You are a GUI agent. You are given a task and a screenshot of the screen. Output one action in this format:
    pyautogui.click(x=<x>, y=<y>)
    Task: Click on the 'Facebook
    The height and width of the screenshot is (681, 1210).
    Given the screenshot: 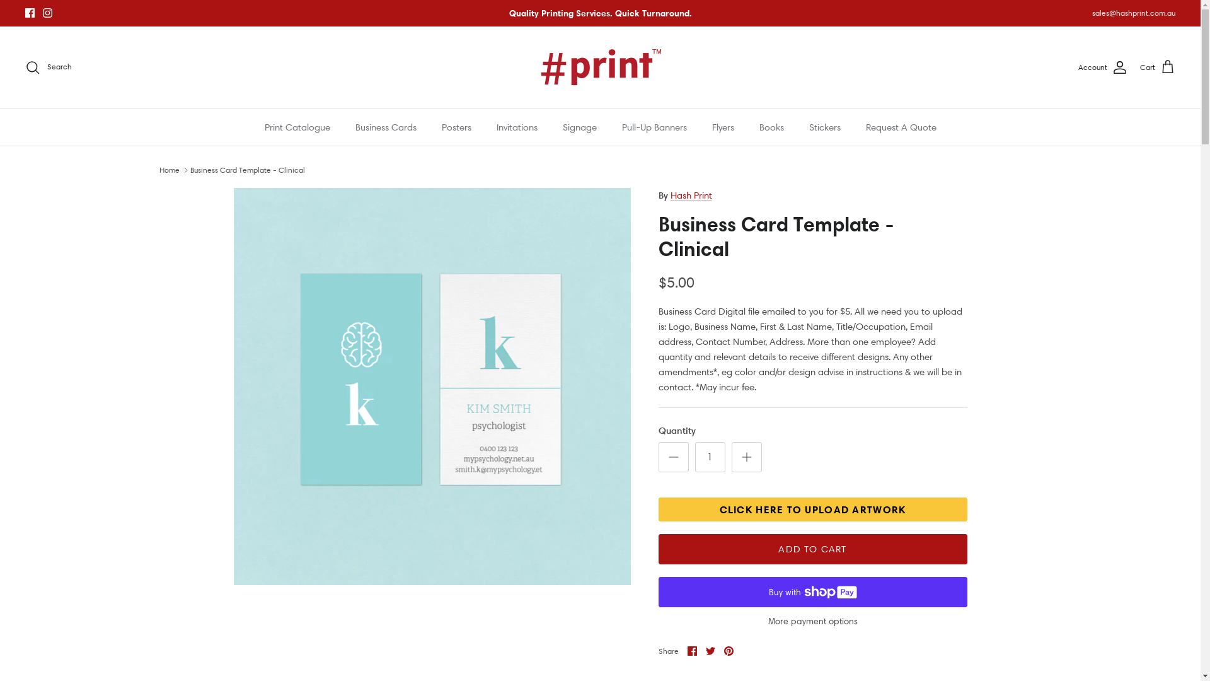 What is the action you would take?
    pyautogui.click(x=686, y=651)
    